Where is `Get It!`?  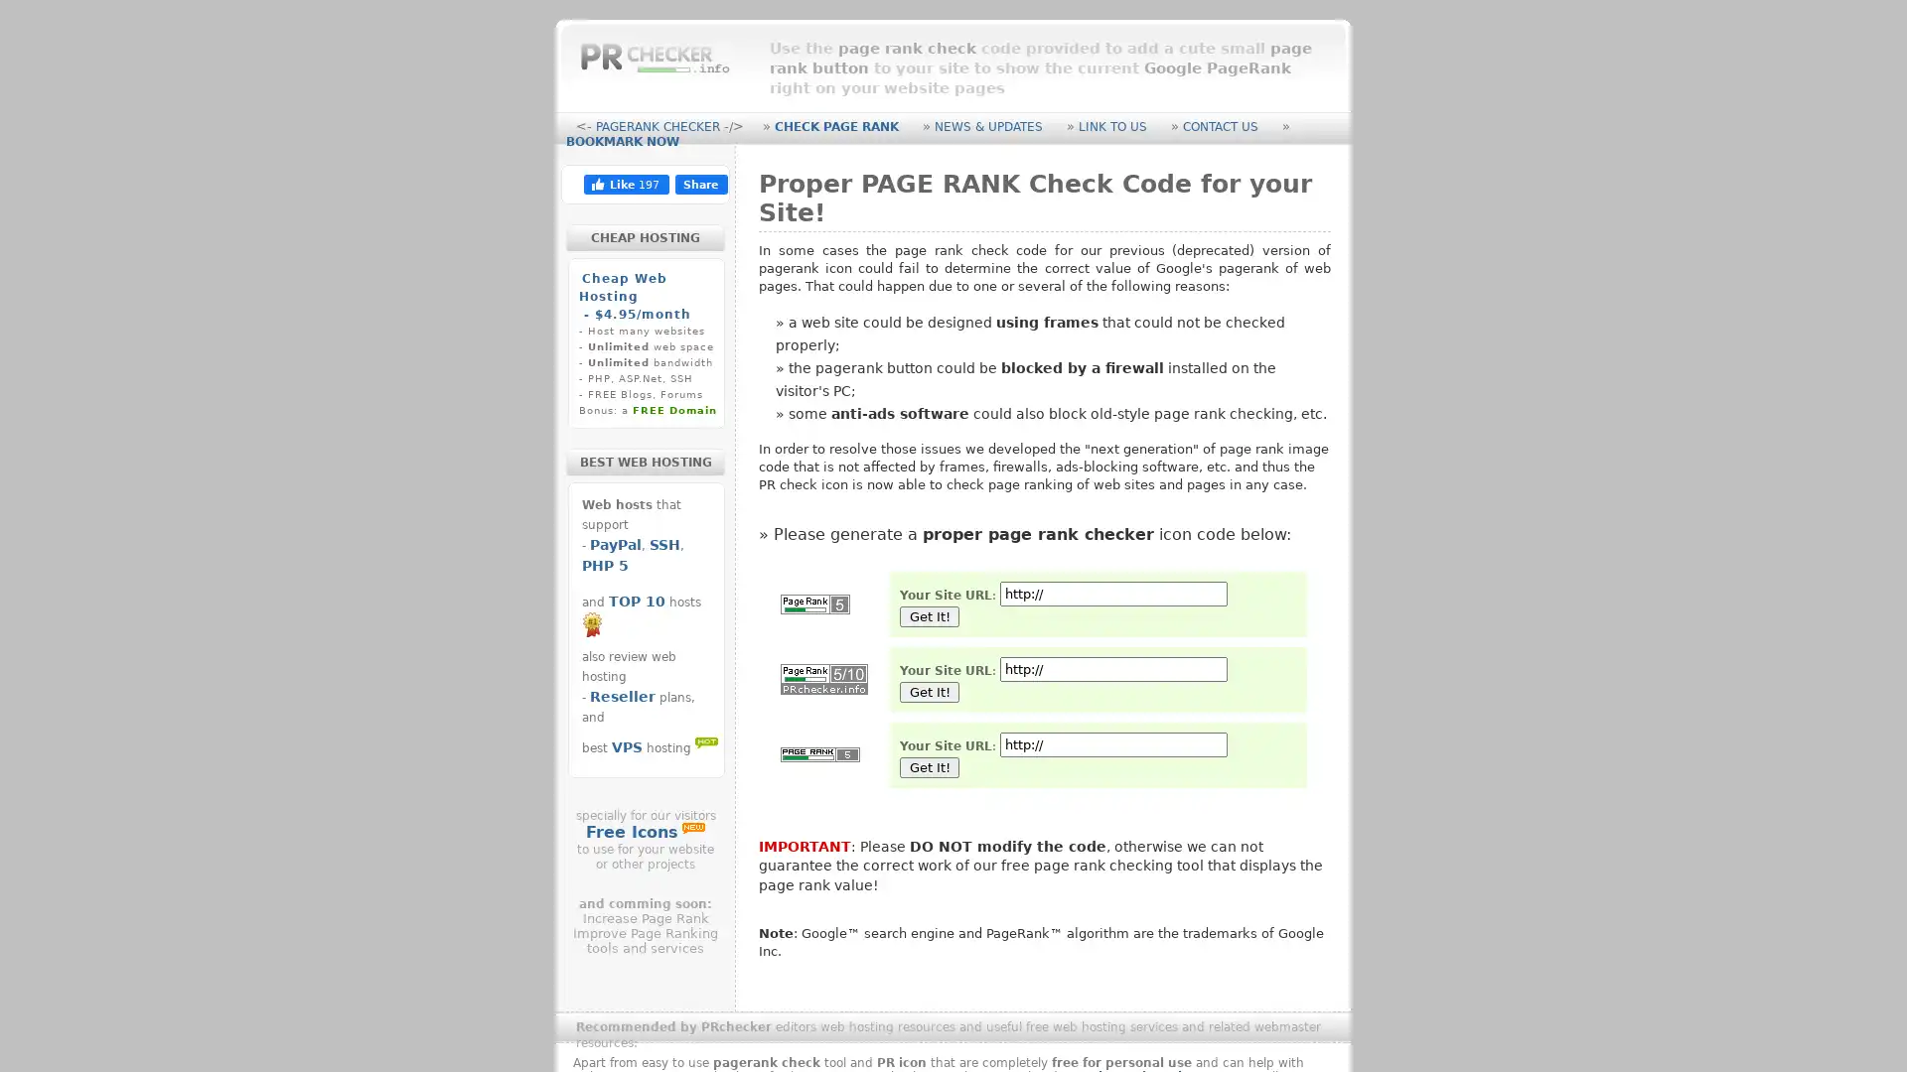
Get It! is located at coordinates (929, 765).